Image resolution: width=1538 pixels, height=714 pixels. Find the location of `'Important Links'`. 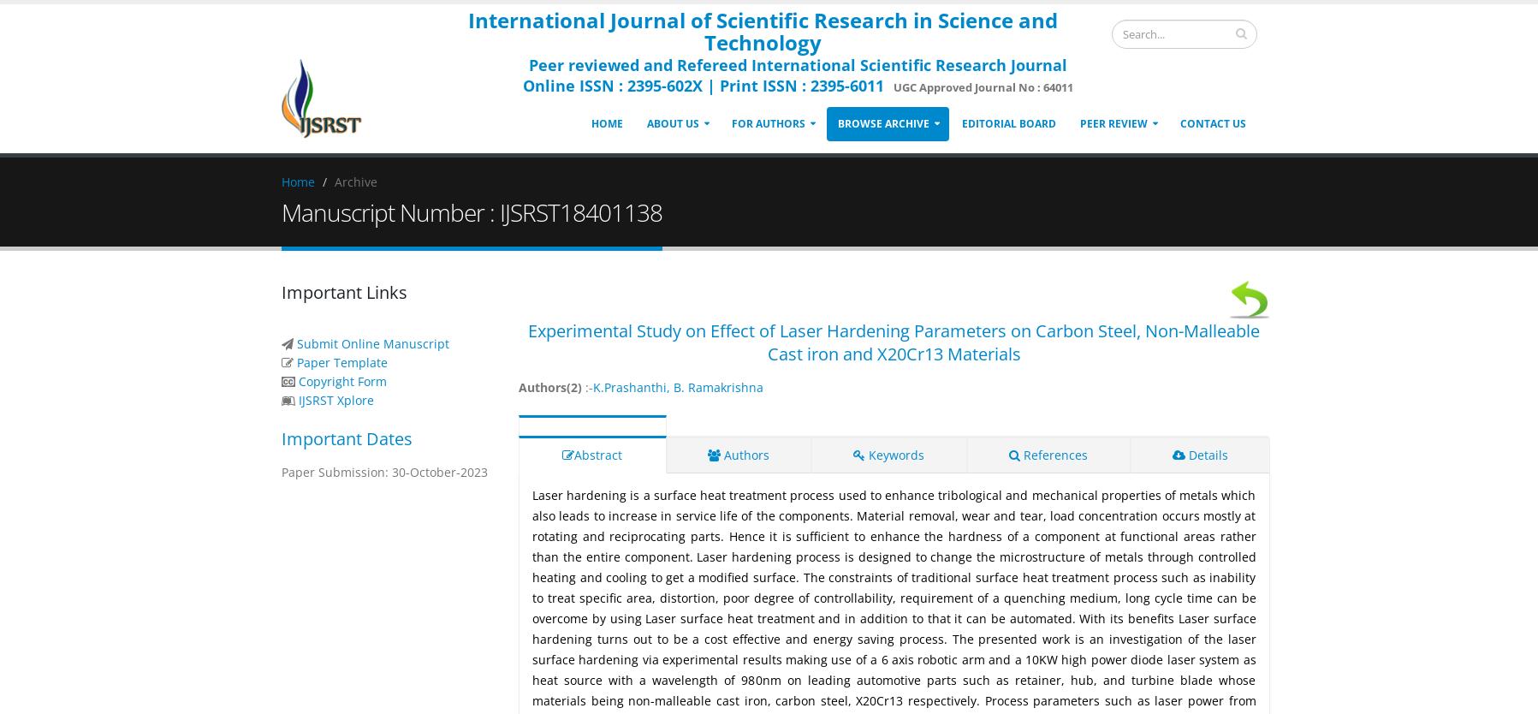

'Important Links' is located at coordinates (342, 292).